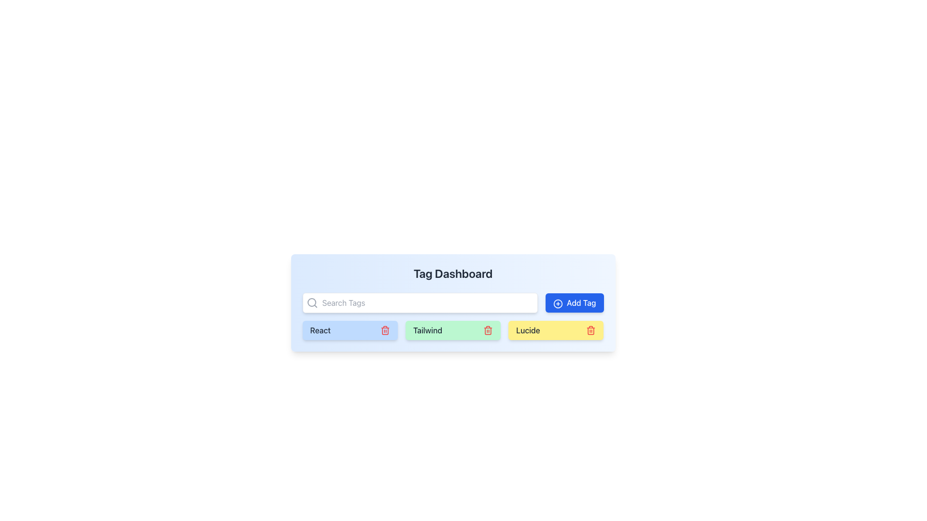 Image resolution: width=927 pixels, height=521 pixels. I want to click on the delete button for the 'Tailwind' item in the tag management dashboard, so click(488, 330).